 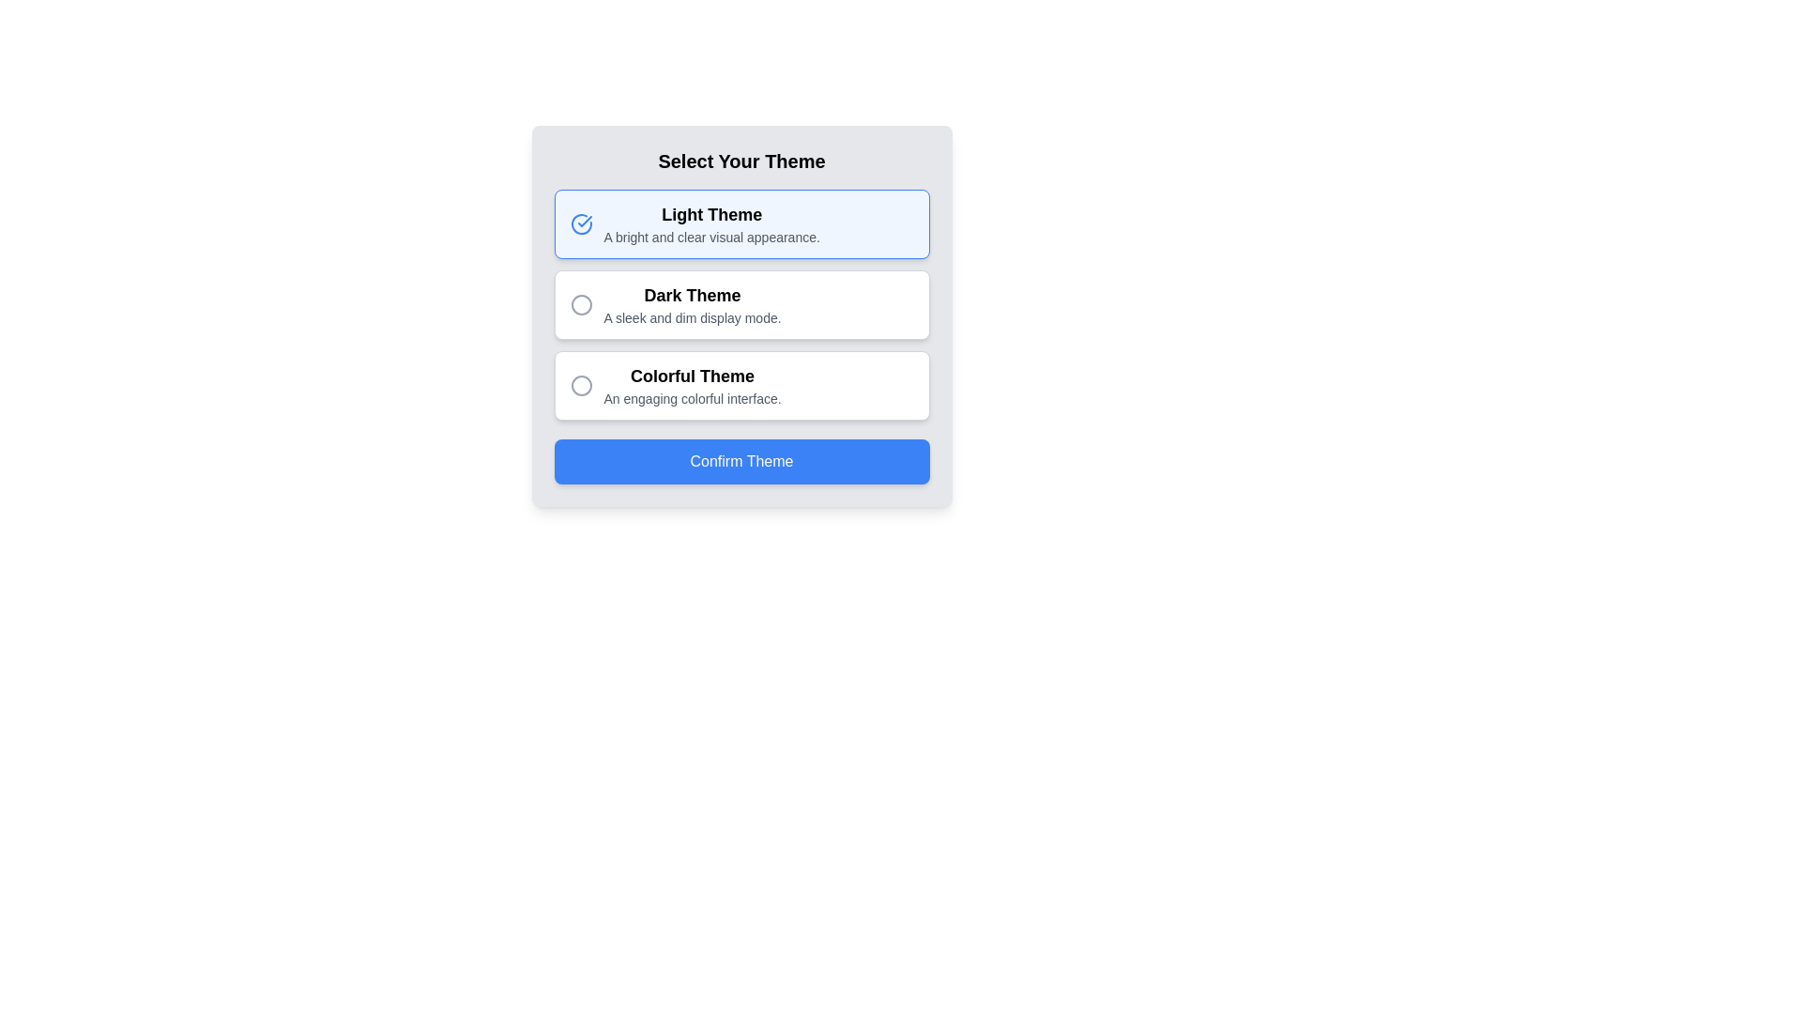 I want to click on the descriptive text label providing additional information about the 'Dark Theme' option located centrally below the title 'Dark Theme', so click(x=692, y=317).